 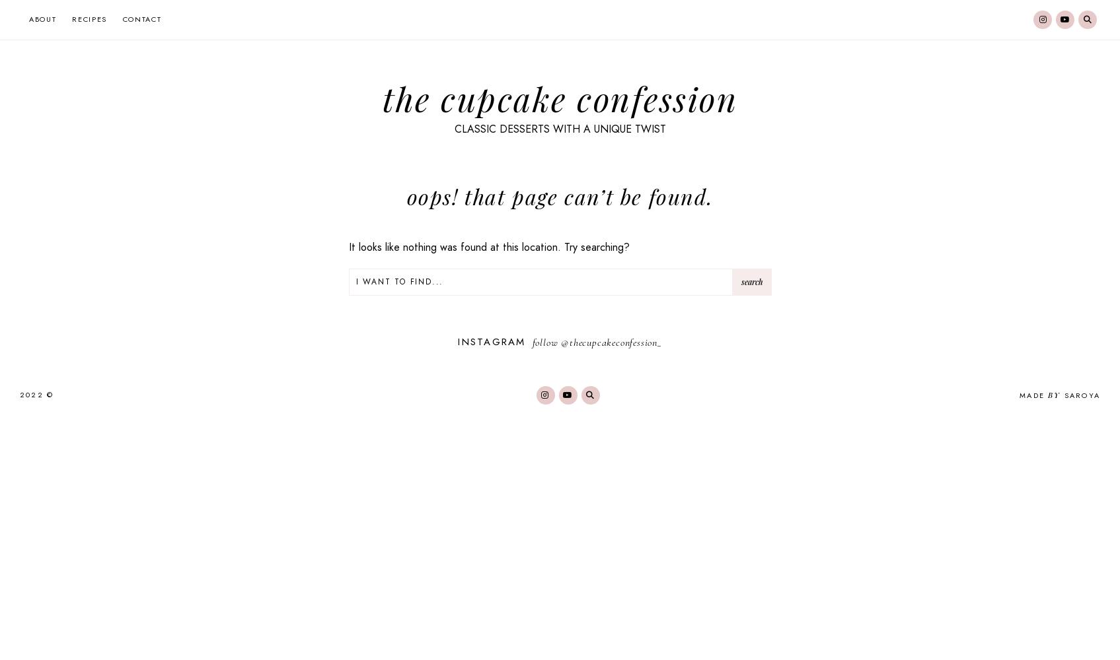 I want to click on 'thecupcakeconfession_', so click(x=615, y=342).